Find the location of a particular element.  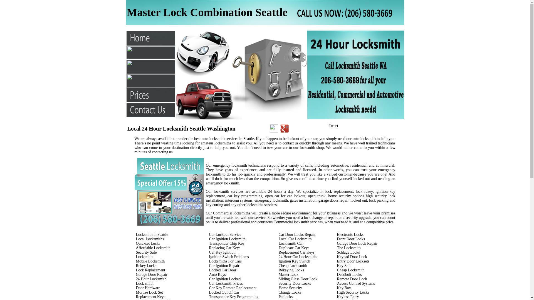

'Tweet' is located at coordinates (333, 126).